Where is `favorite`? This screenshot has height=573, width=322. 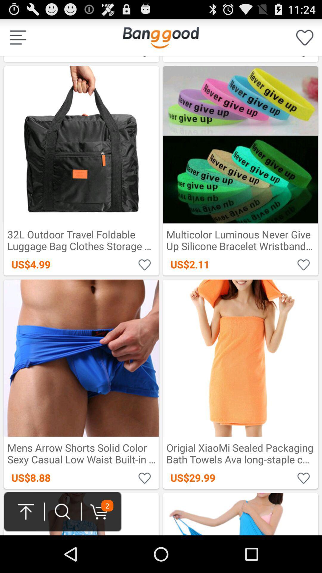 favorite is located at coordinates (304, 264).